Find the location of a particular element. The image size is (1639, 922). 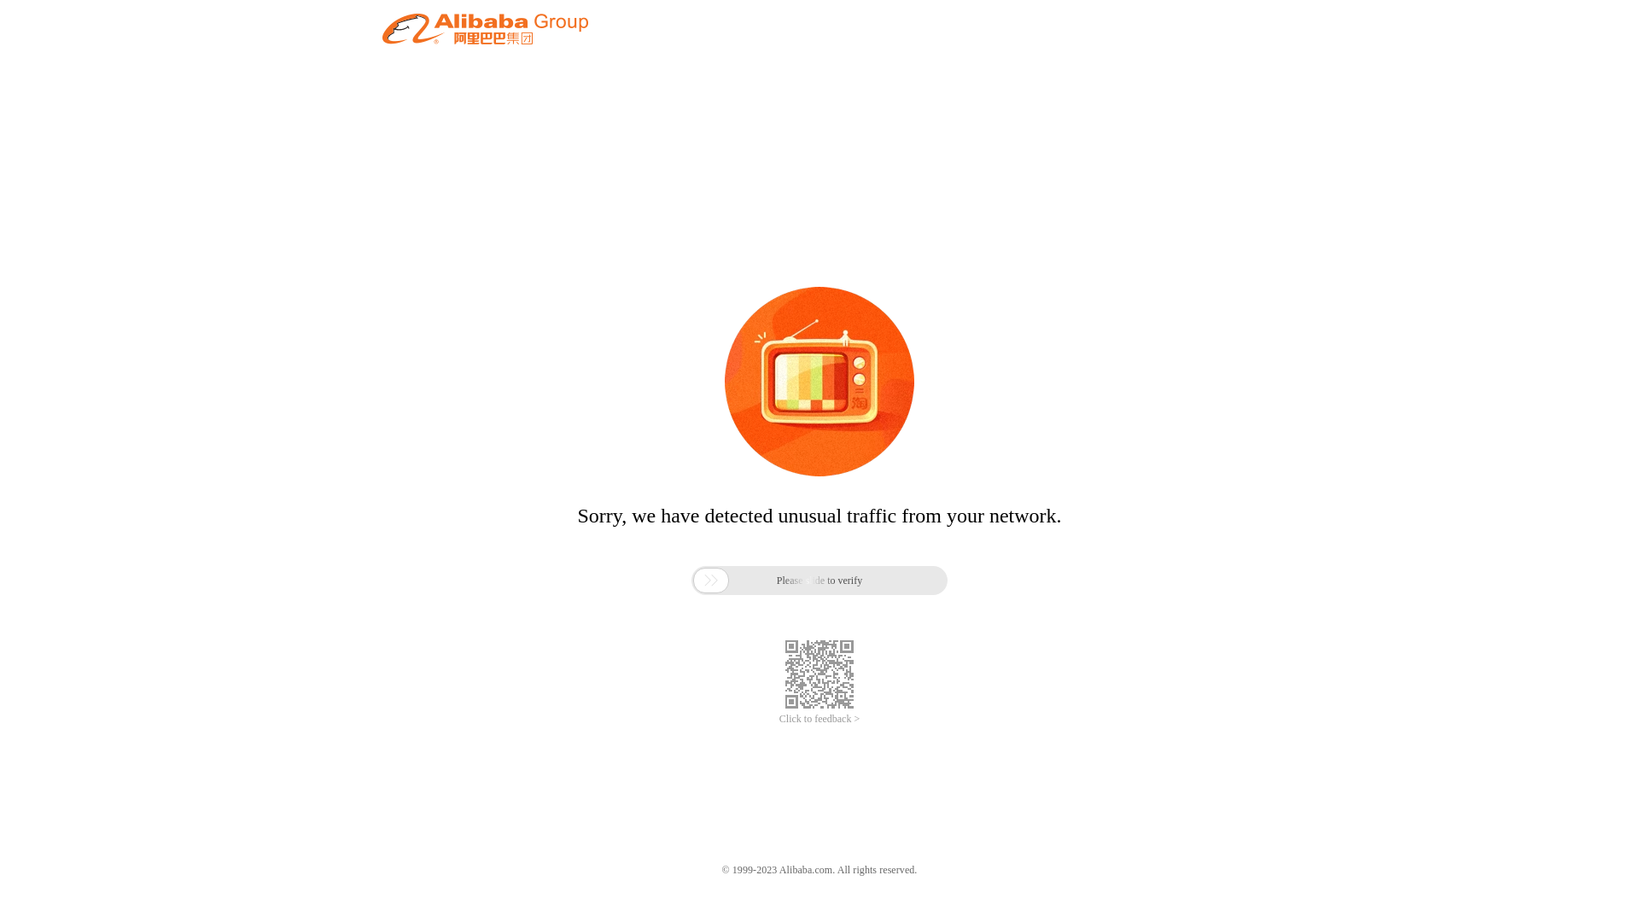

'Click to feedback >' is located at coordinates (819, 719).